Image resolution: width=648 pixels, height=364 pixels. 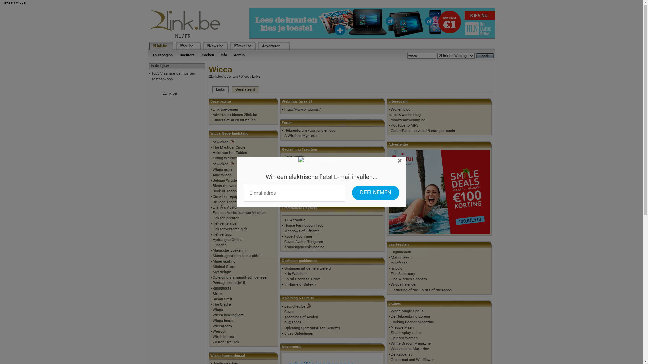 What do you see at coordinates (284, 168) in the screenshot?
I see `'Reclaiming homepage'` at bounding box center [284, 168].